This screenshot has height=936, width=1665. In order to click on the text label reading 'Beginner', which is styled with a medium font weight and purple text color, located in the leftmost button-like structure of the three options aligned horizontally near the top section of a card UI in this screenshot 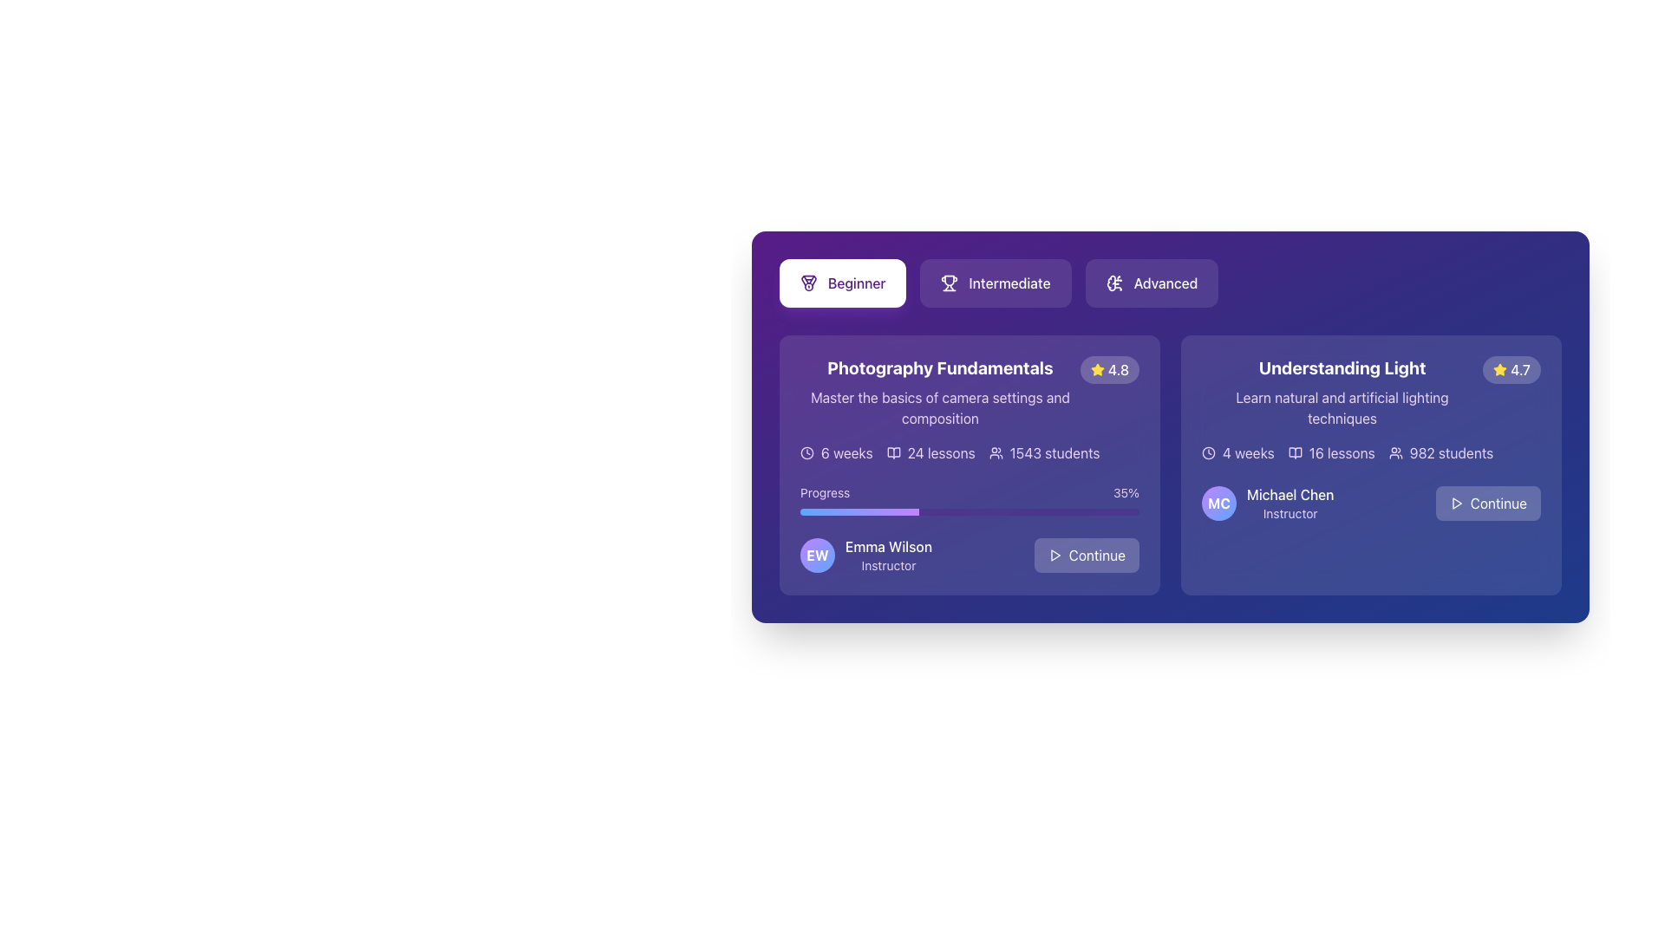, I will do `click(857, 283)`.